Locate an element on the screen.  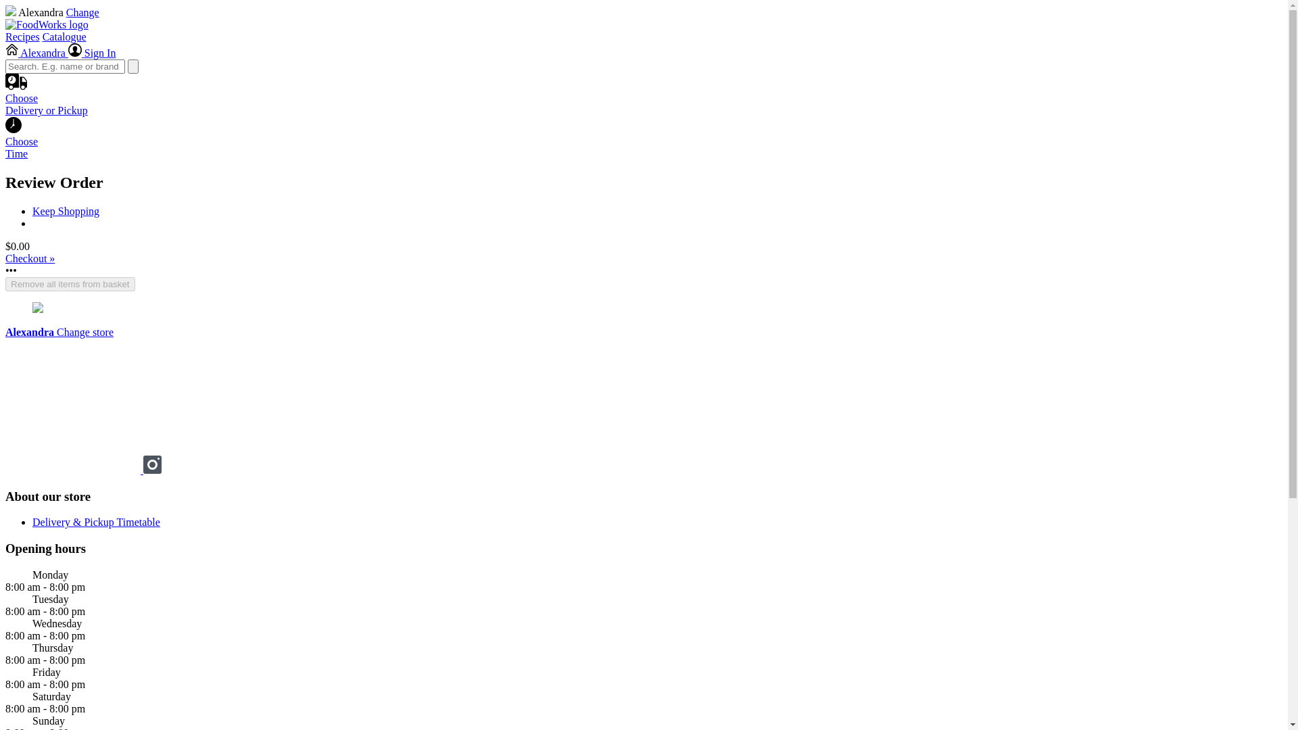
'Instagram foodworks_alexandra' is located at coordinates (152, 469).